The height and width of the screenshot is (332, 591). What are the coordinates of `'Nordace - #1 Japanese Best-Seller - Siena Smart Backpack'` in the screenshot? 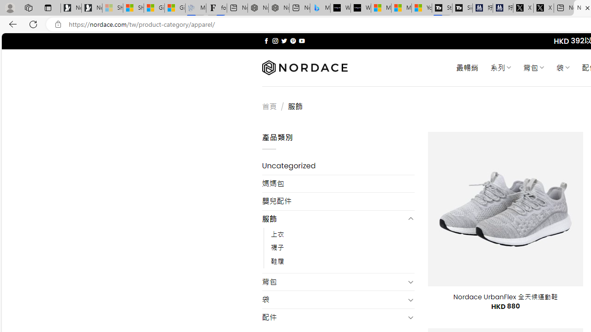 It's located at (278, 8).